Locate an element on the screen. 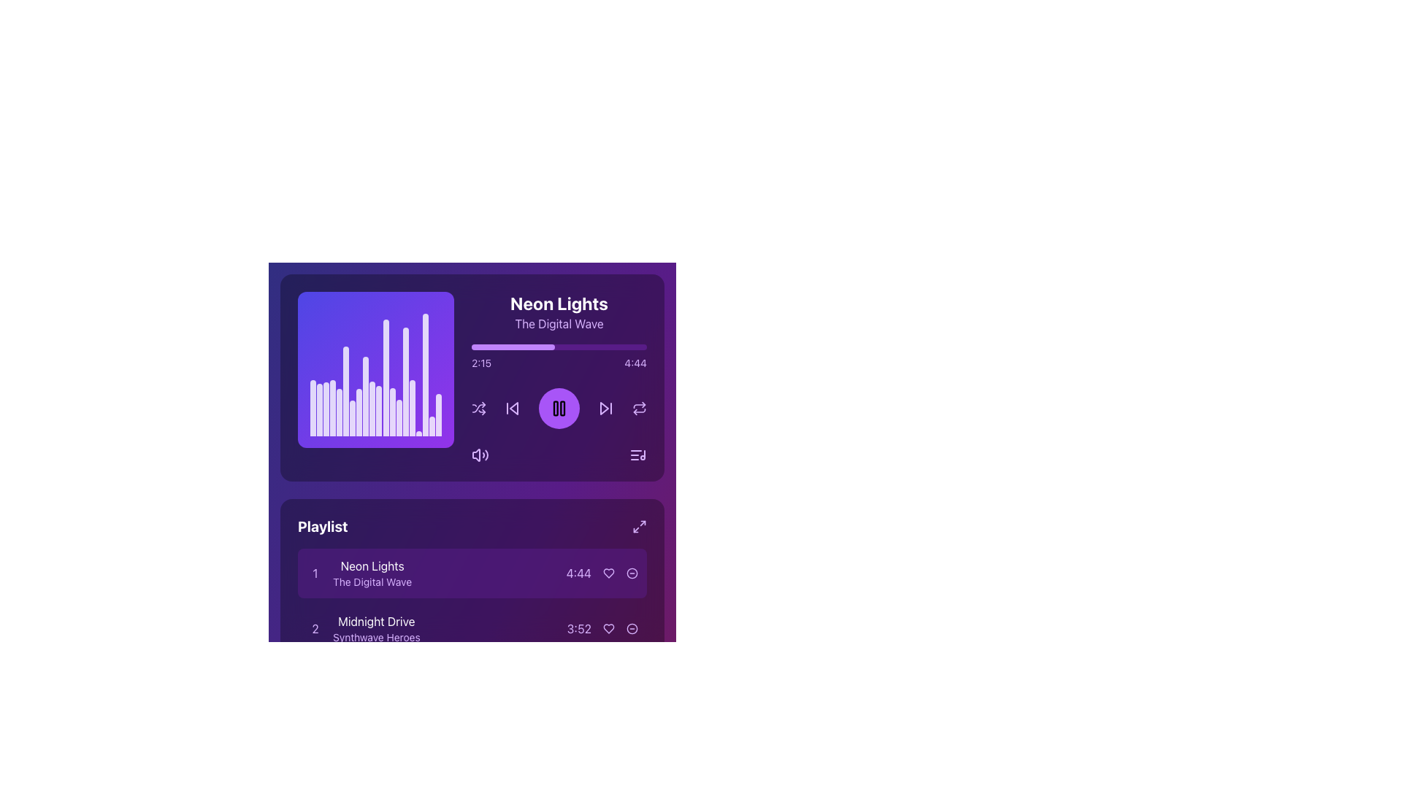  the sixth graphical audio visualization bar representing audio frequency levels in the music player interface is located at coordinates (345, 390).